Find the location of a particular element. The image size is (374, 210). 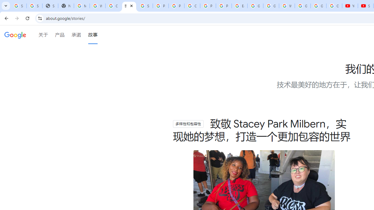

'New Tab' is located at coordinates (66, 6).